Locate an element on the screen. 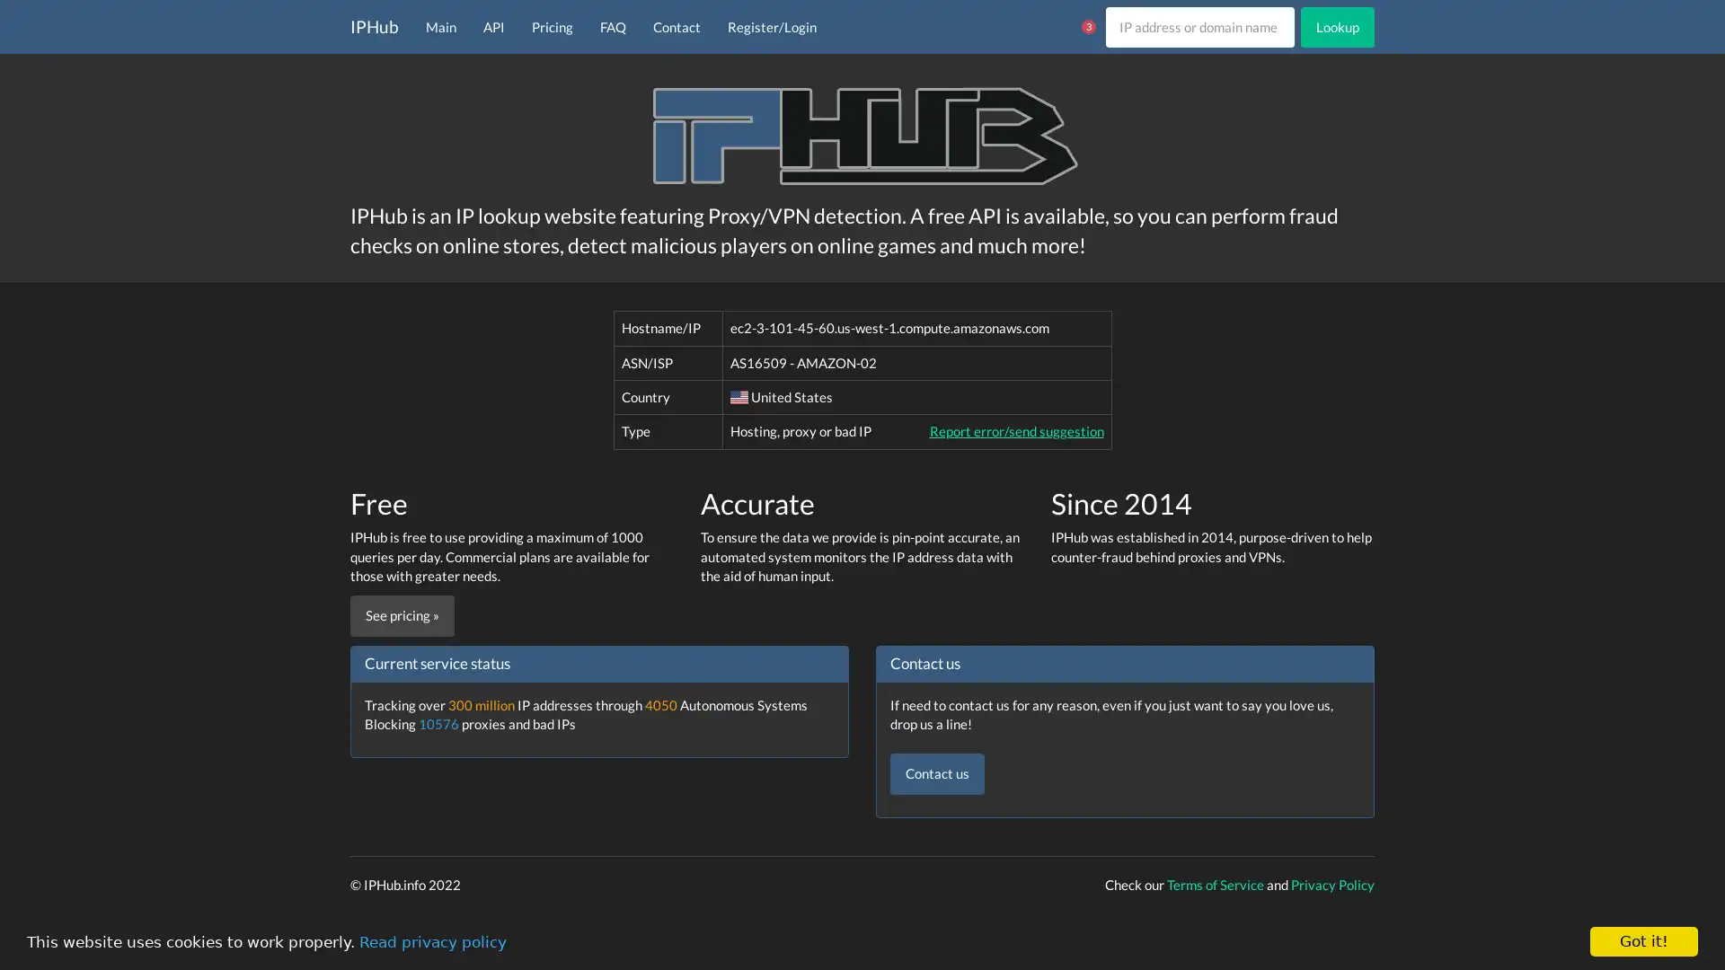 The height and width of the screenshot is (970, 1725). See pricing is located at coordinates (401, 614).